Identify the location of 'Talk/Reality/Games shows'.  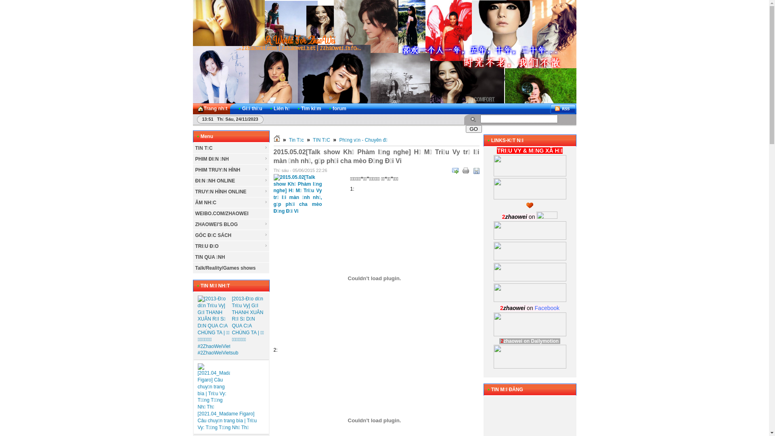
(230, 268).